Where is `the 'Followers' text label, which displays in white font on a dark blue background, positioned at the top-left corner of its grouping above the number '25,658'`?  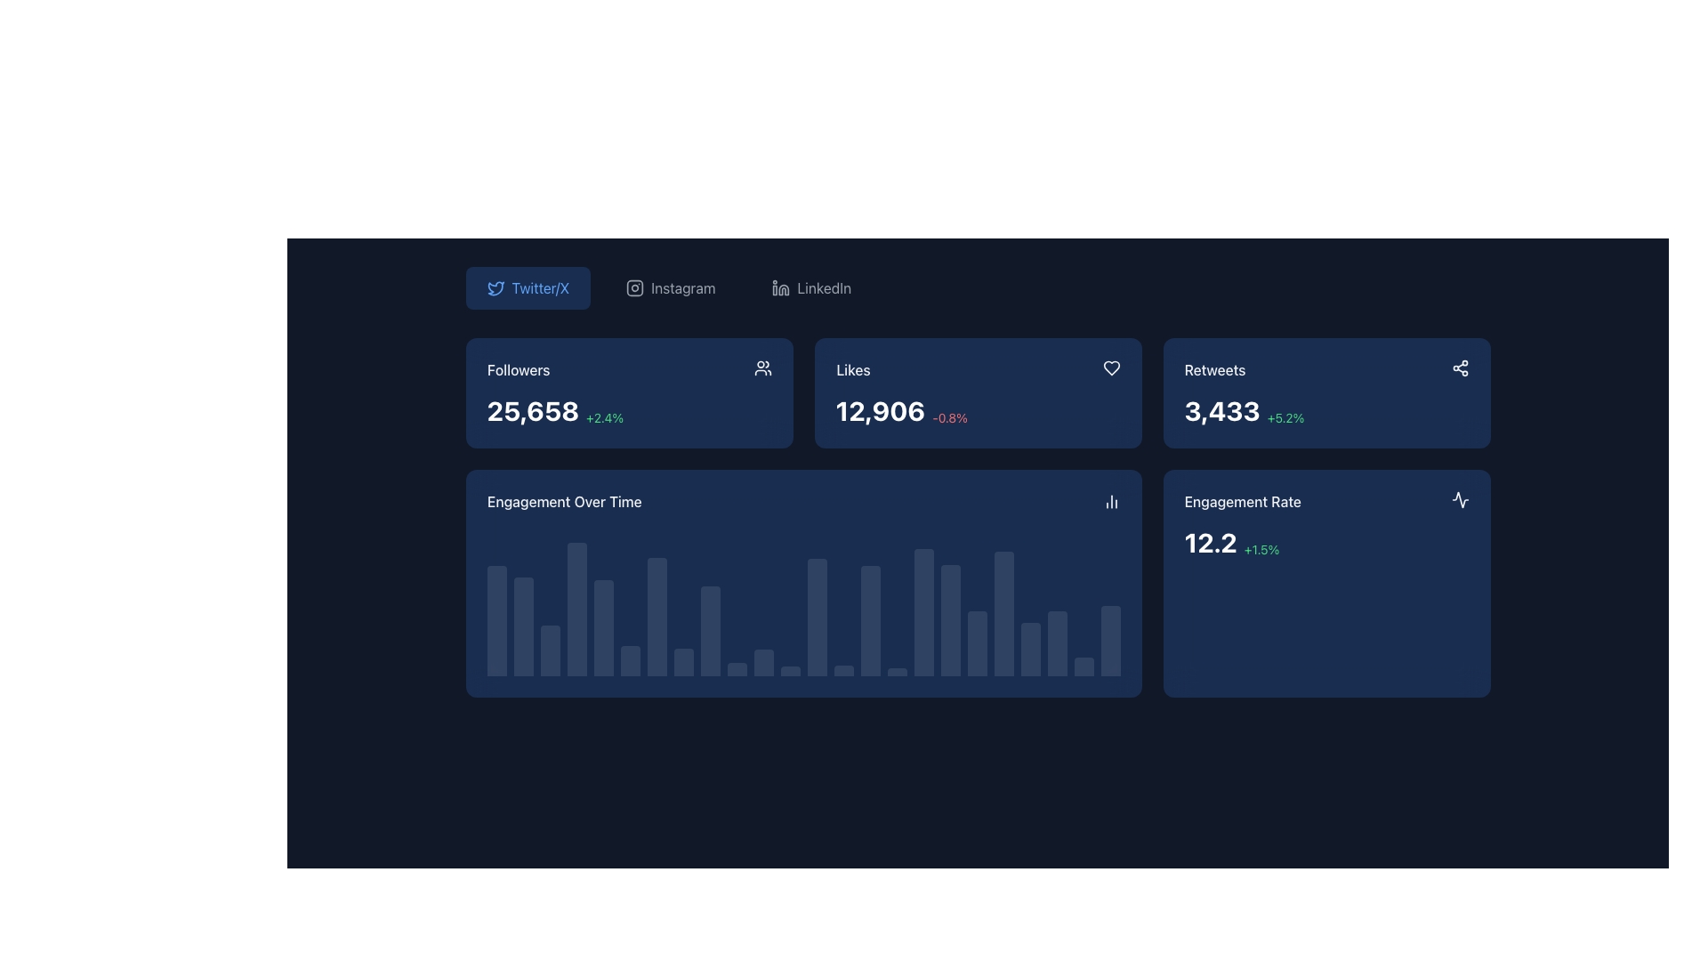
the 'Followers' text label, which displays in white font on a dark blue background, positioned at the top-left corner of its grouping above the number '25,658' is located at coordinates (517, 369).